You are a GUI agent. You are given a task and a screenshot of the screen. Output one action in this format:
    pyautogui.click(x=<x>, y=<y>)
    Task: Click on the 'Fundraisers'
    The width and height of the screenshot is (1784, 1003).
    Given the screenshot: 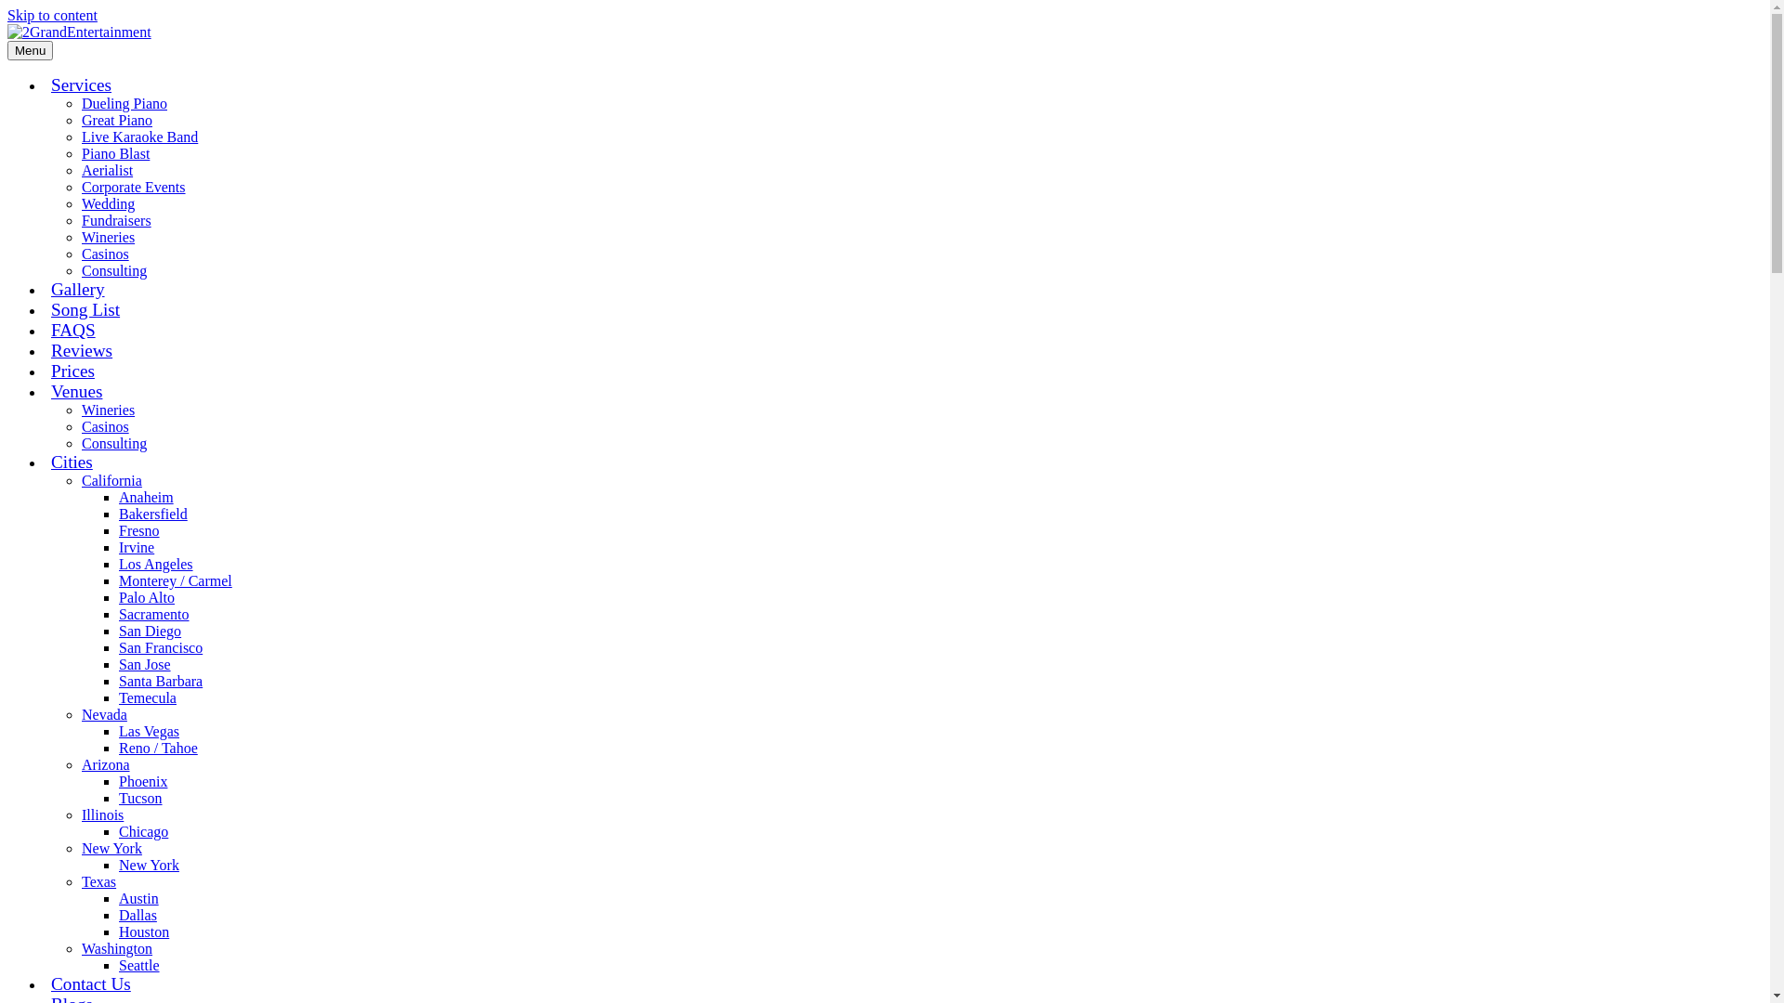 What is the action you would take?
    pyautogui.click(x=115, y=219)
    